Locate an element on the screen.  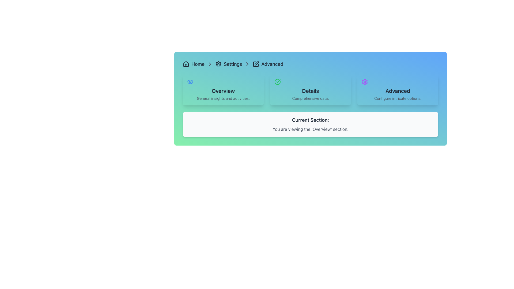
the gear-shaped icon located to the left of the 'Settings' text in the breadcrumb navigation bar is located at coordinates (218, 64).